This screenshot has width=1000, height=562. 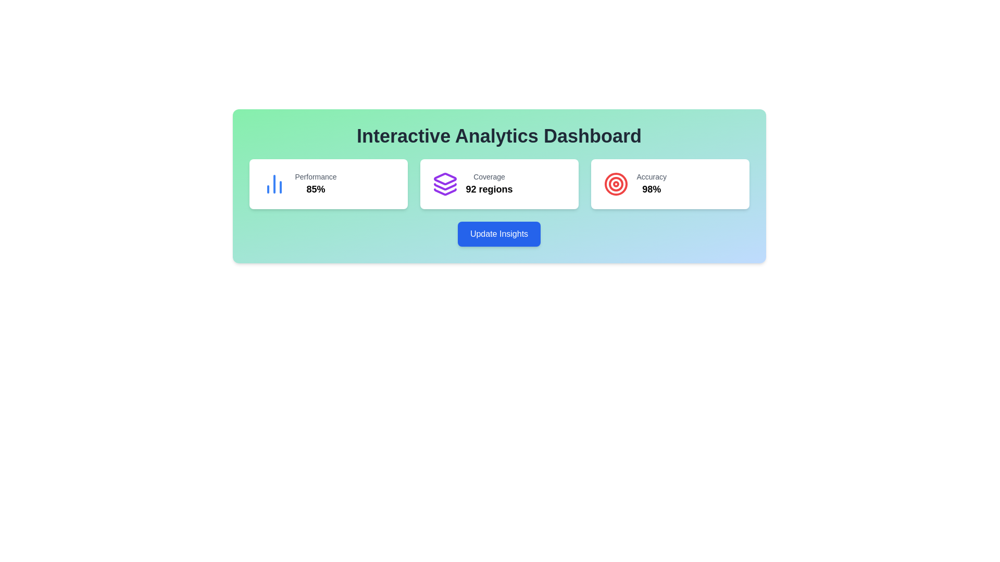 What do you see at coordinates (498, 184) in the screenshot?
I see `the 'Coverage' card displaying '92 regions' for more details, which is the middle card in a horizontal grid of three cards beneath the 'Interactive Analytics Dashboard' heading` at bounding box center [498, 184].